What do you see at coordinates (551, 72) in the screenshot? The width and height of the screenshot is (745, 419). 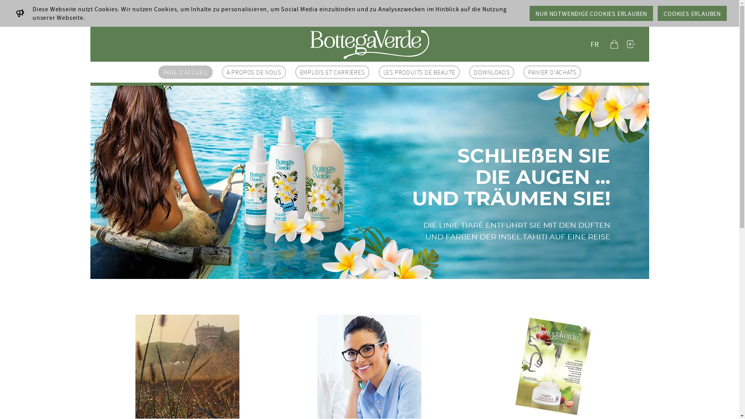 I see `'PANIER D'ACHATS'` at bounding box center [551, 72].